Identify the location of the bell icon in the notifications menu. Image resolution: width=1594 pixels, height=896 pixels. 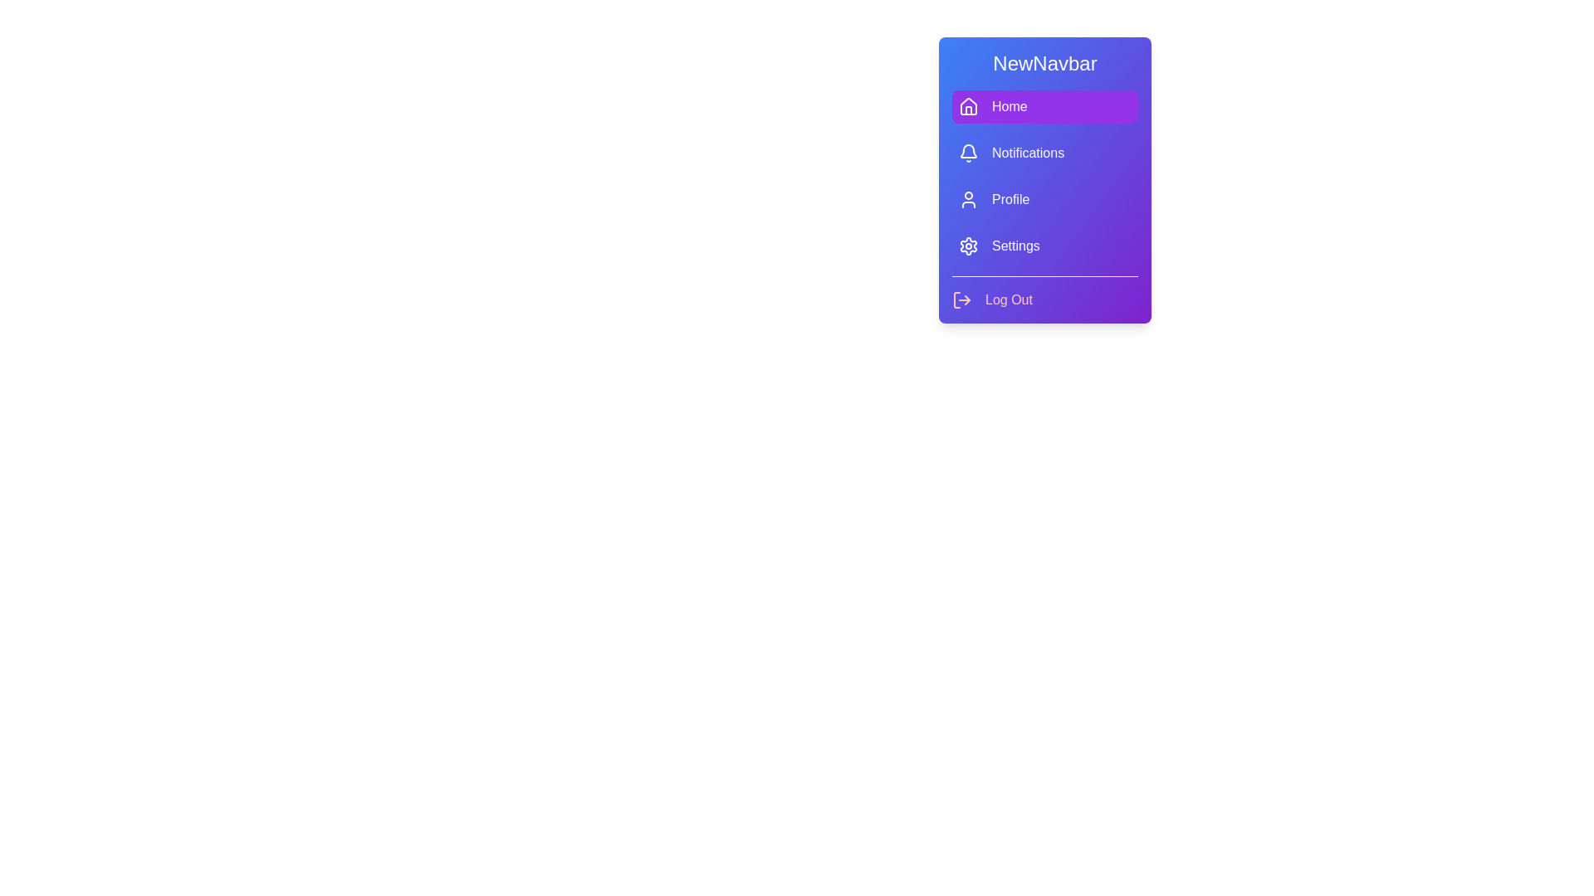
(968, 151).